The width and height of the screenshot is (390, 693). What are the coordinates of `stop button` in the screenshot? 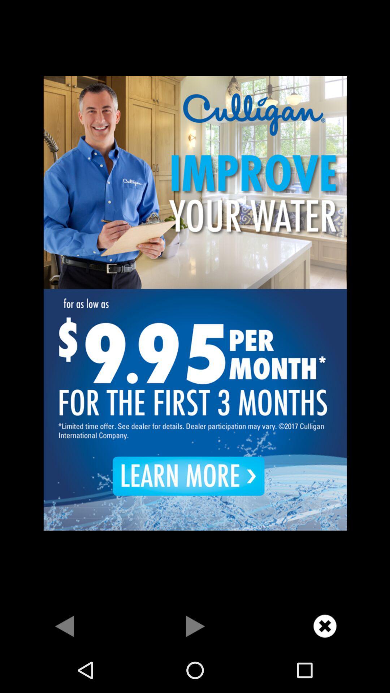 It's located at (195, 626).